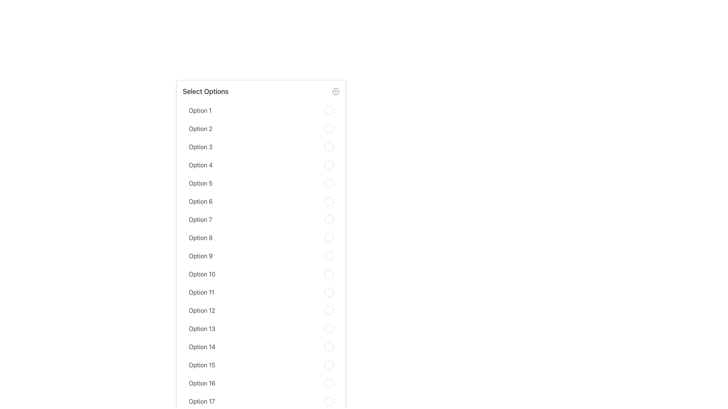 This screenshot has width=728, height=409. What do you see at coordinates (261, 365) in the screenshot?
I see `the radio button labeled 'Option 15'` at bounding box center [261, 365].